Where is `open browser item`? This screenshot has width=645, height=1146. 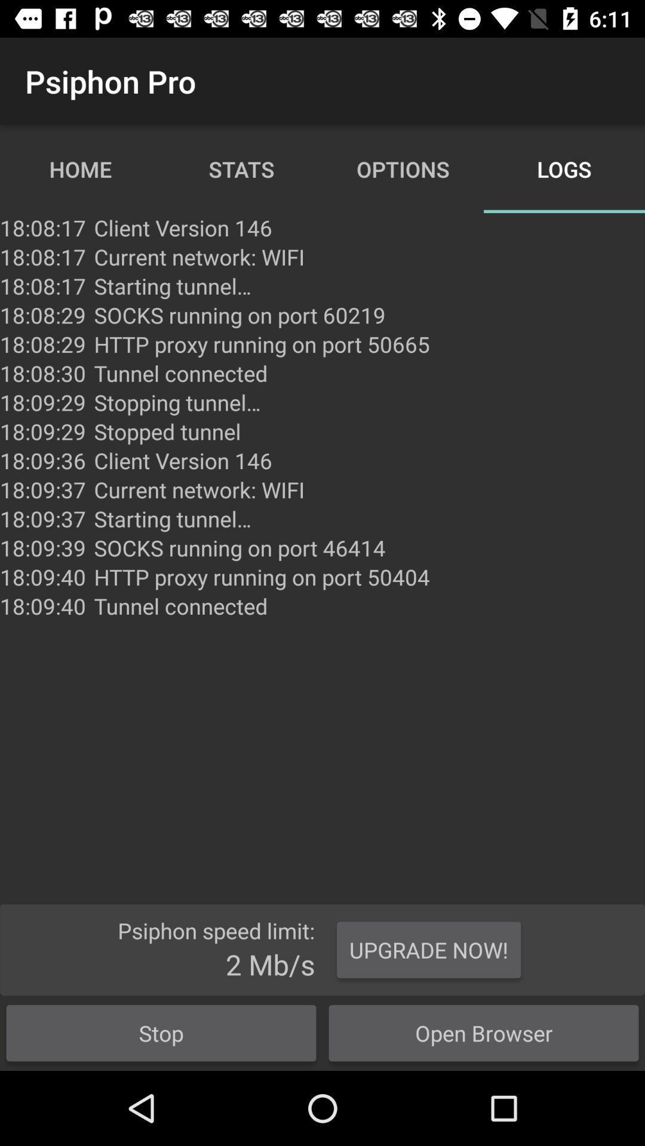
open browser item is located at coordinates (484, 1033).